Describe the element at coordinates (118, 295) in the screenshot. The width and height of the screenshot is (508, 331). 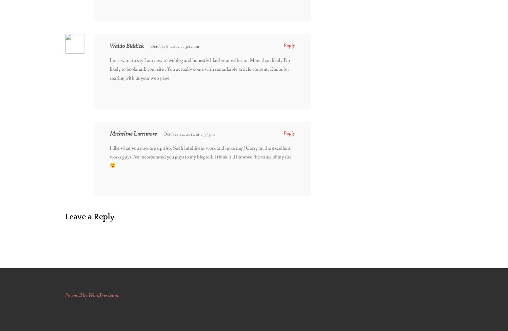
I see `'.'` at that location.